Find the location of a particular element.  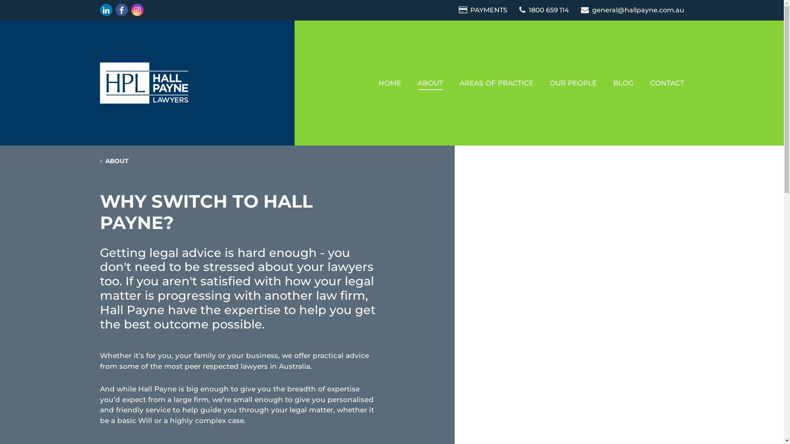

'AREAS OF PRACTICE' is located at coordinates (495, 83).